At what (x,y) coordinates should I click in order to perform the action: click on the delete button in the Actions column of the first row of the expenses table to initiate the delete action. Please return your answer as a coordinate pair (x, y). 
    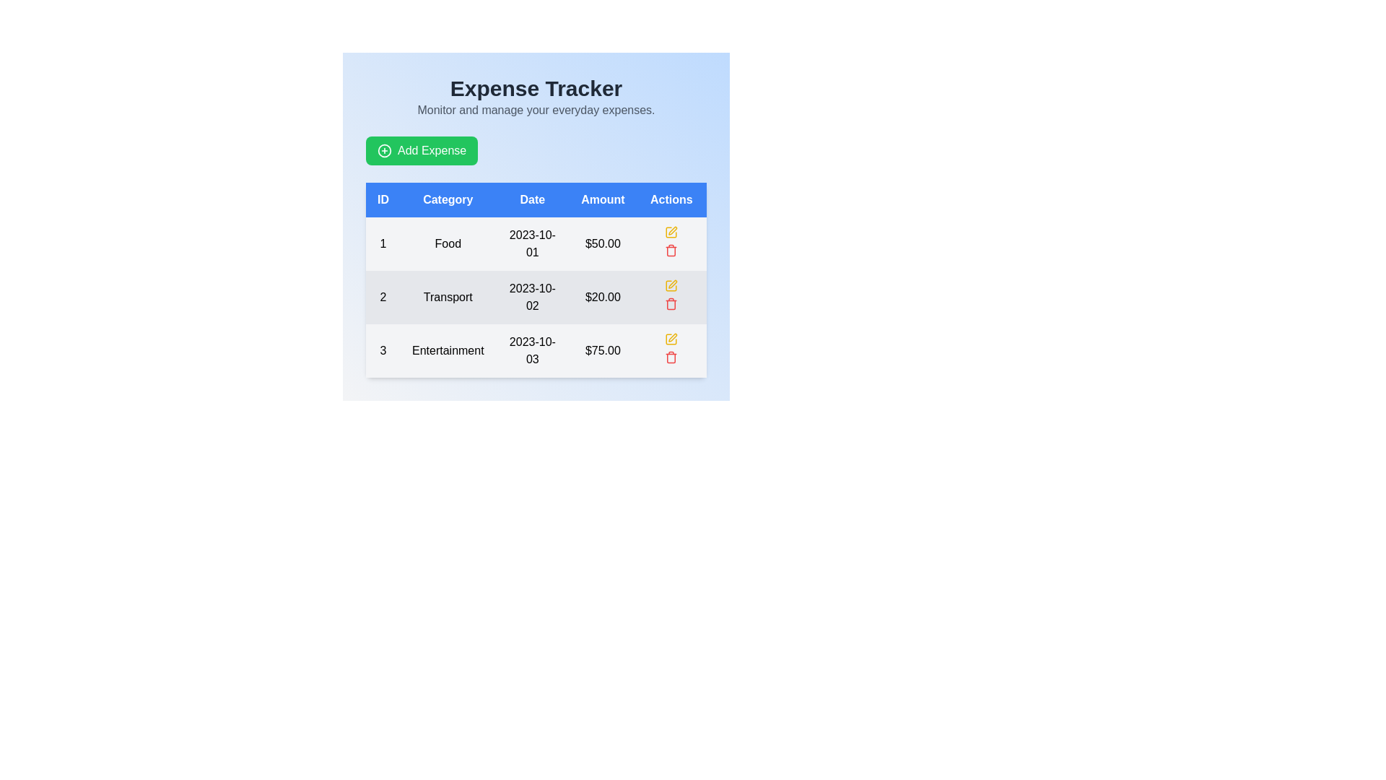
    Looking at the image, I should click on (671, 250).